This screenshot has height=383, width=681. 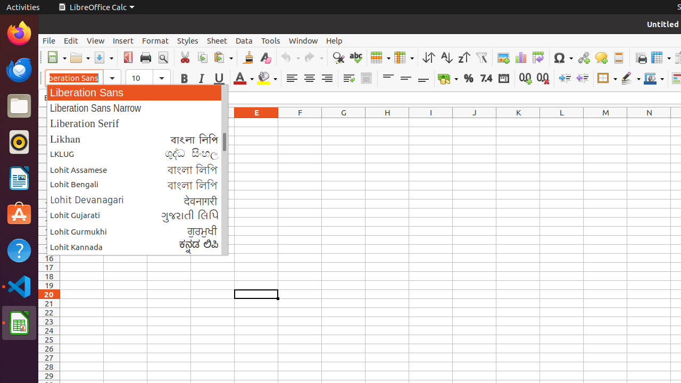 What do you see at coordinates (302, 40) in the screenshot?
I see `'Window'` at bounding box center [302, 40].